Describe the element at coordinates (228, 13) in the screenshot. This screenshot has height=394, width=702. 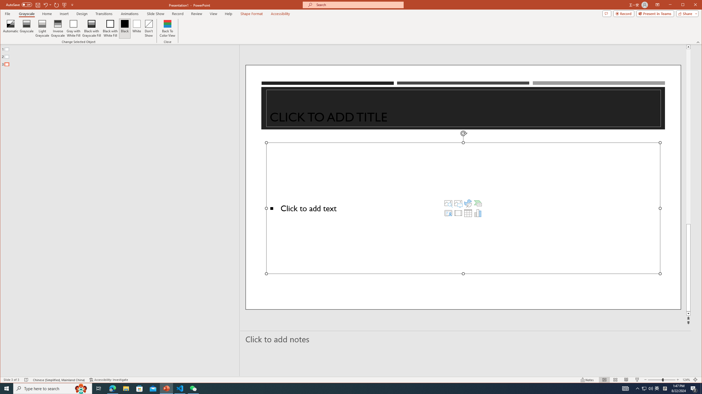
I see `'Help'` at that location.